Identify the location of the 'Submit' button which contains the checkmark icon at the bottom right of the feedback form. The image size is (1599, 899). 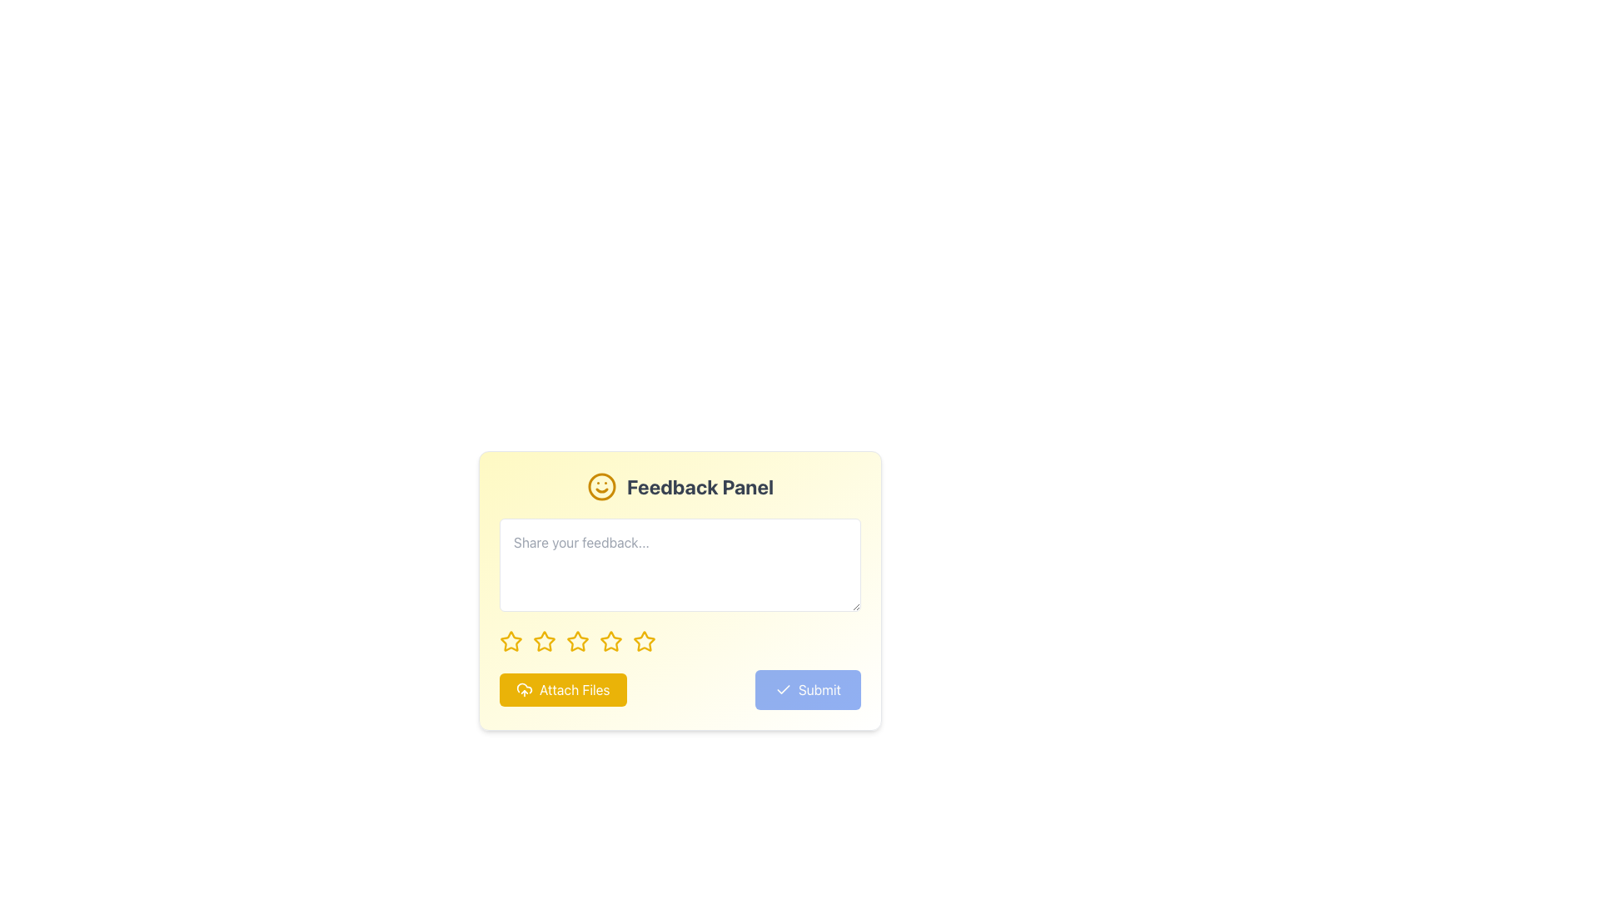
(782, 690).